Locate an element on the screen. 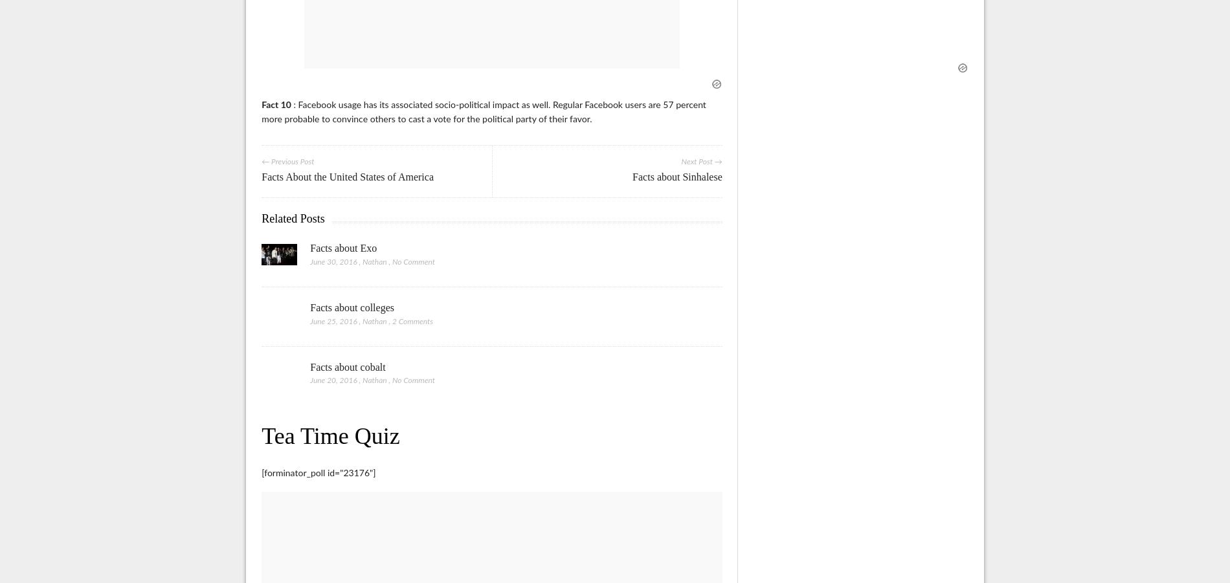  'Facts about colleges' is located at coordinates (352, 307).